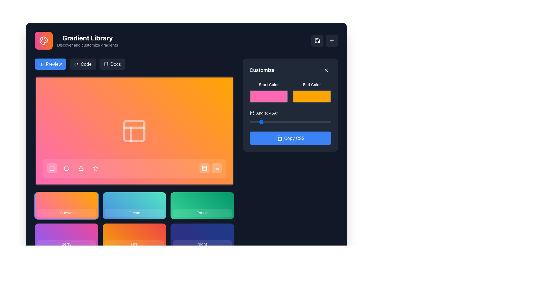  What do you see at coordinates (290, 92) in the screenshot?
I see `the 'End Color' section of the color selection interface` at bounding box center [290, 92].